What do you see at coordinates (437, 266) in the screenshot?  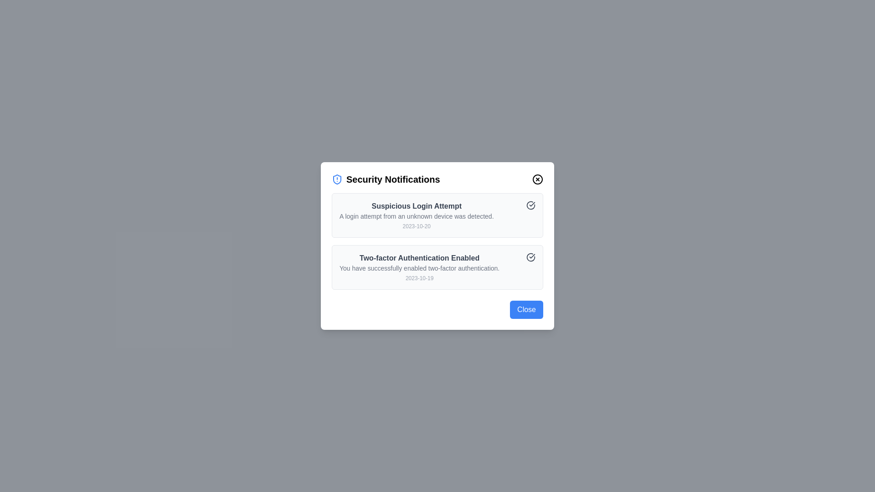 I see `the interactive circular arrow icon in the notification card titled 'Two-factor Authentication Enabled'` at bounding box center [437, 266].